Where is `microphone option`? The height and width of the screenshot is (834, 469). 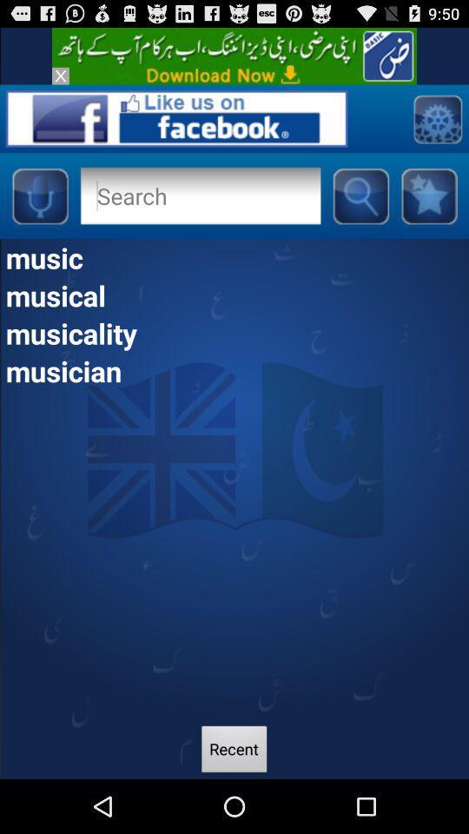
microphone option is located at coordinates (39, 195).